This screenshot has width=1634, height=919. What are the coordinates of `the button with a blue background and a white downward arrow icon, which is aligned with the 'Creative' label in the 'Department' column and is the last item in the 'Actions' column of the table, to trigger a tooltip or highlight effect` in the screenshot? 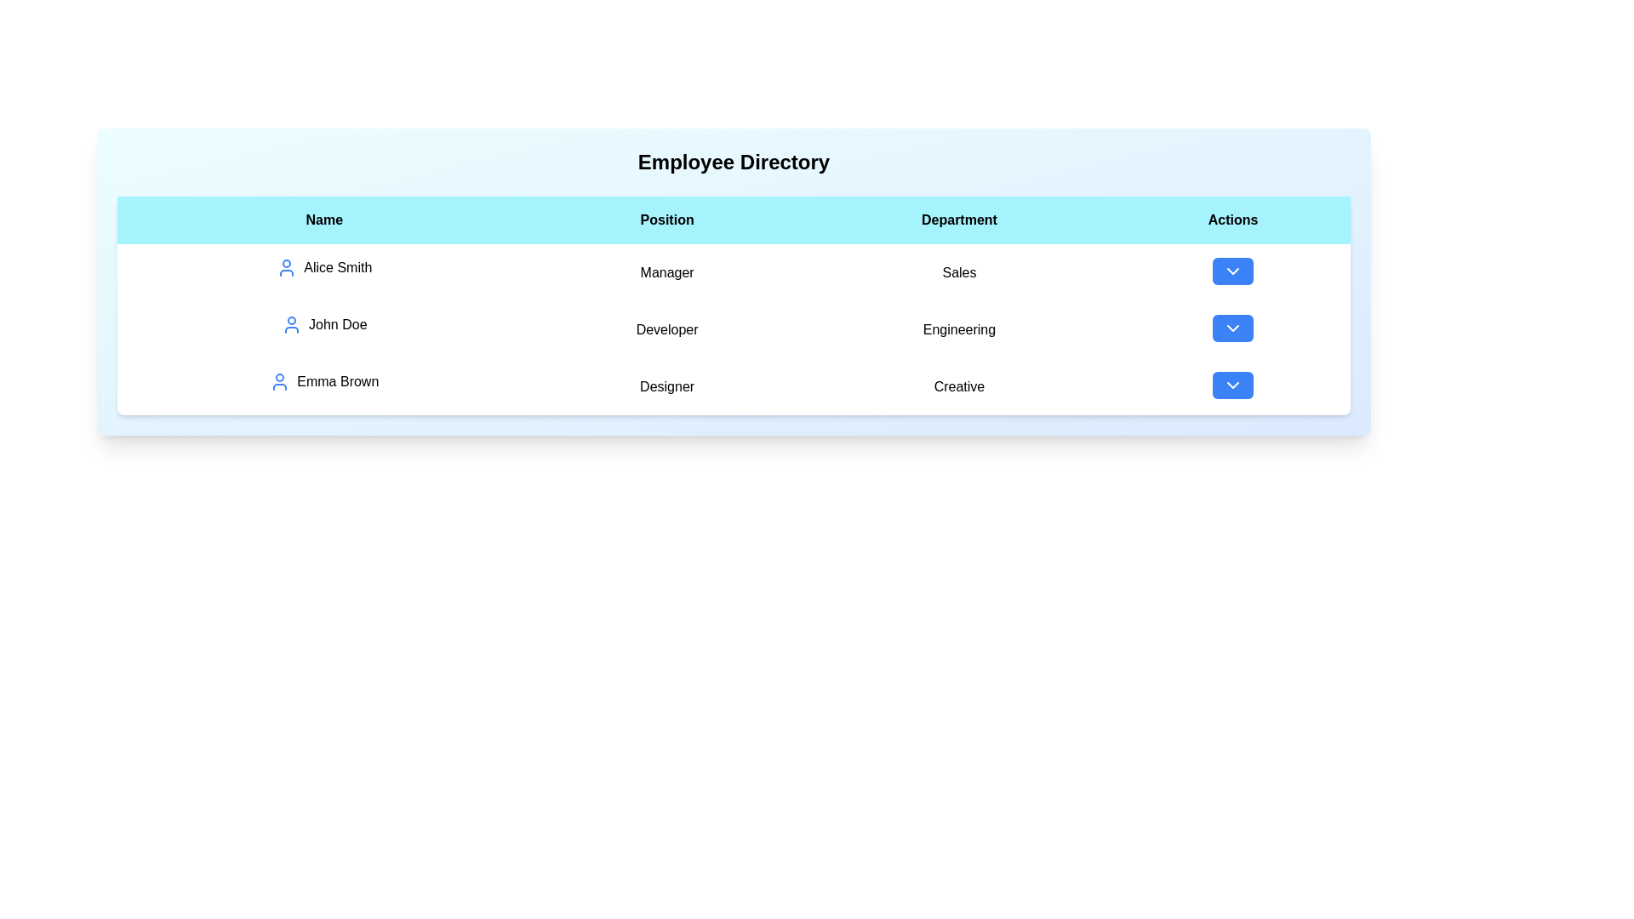 It's located at (1233, 385).